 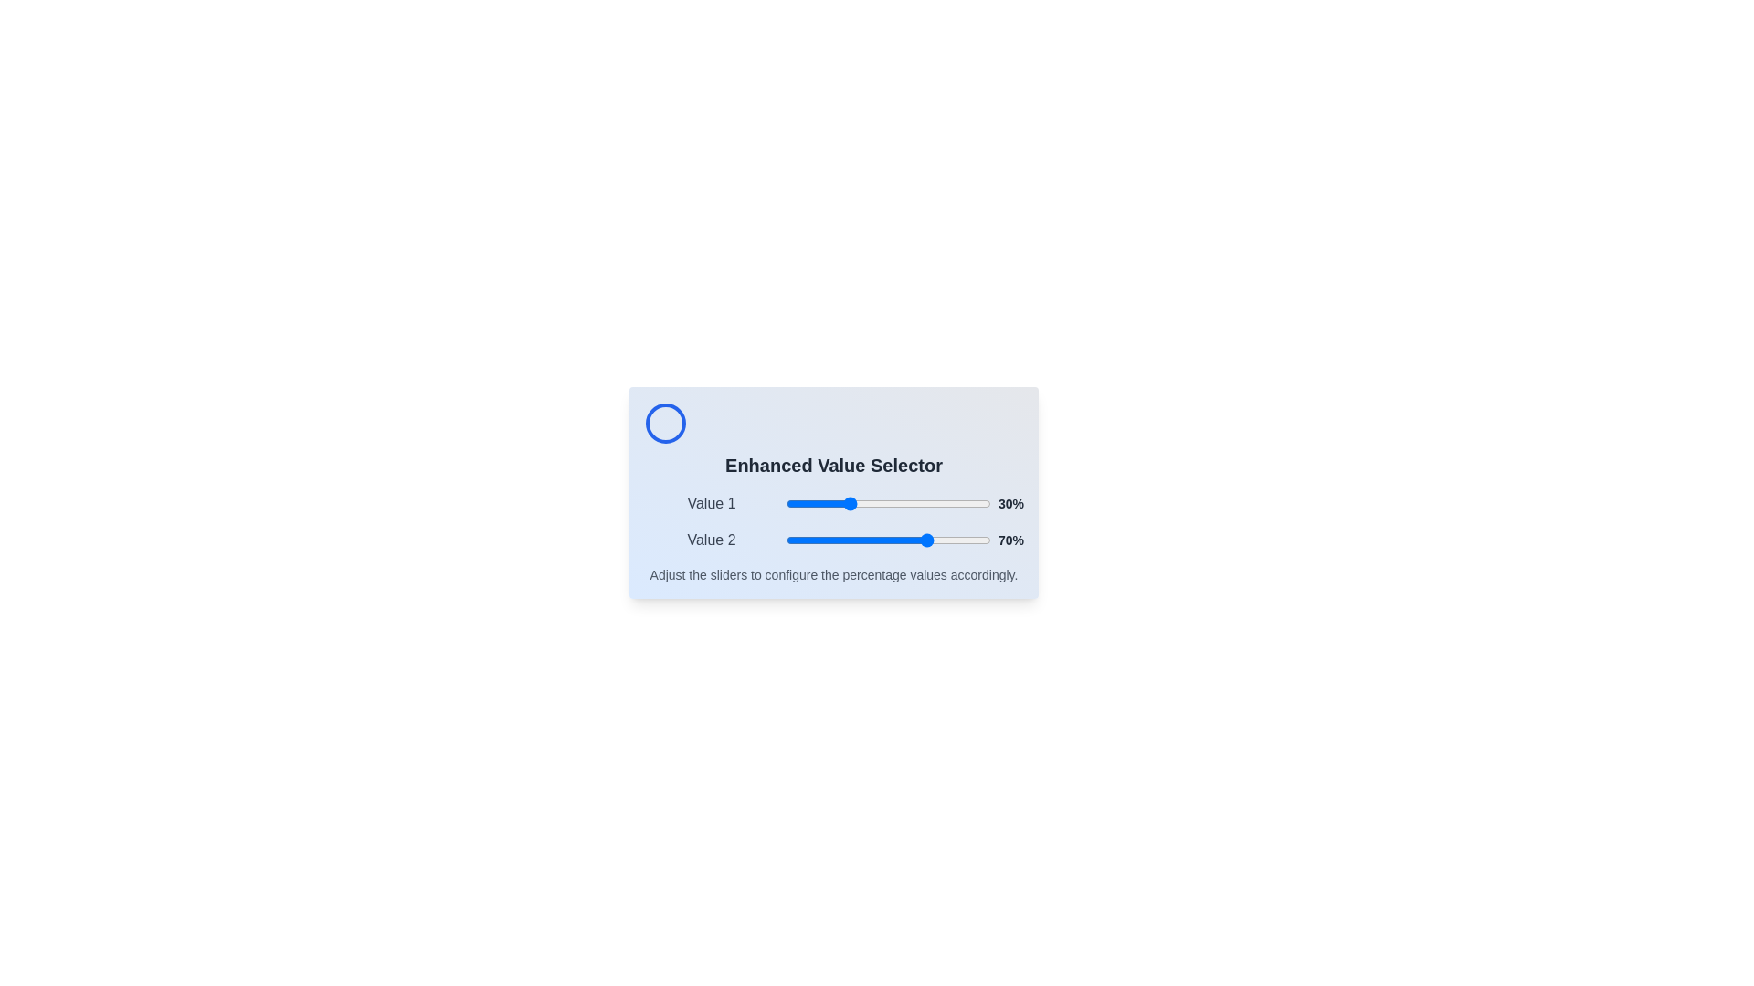 I want to click on the circular icon in the header, so click(x=665, y=423).